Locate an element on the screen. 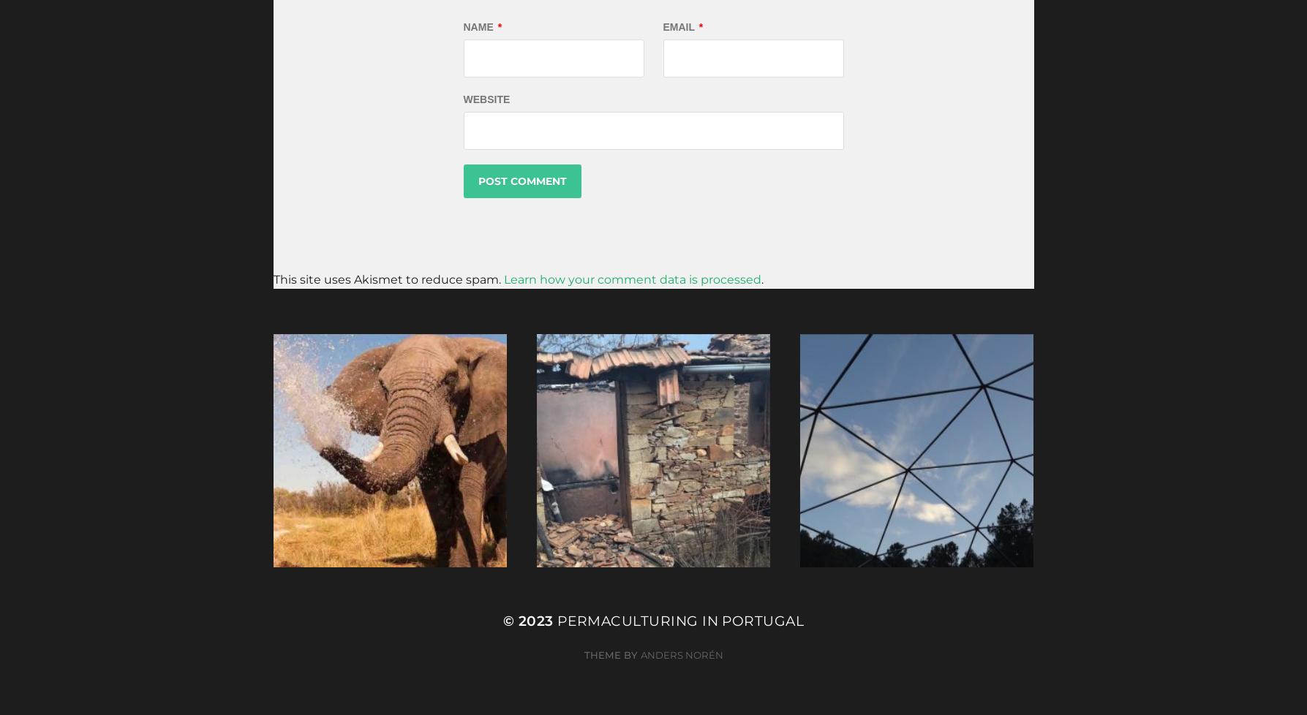 This screenshot has height=715, width=1307. 'January 6, 2018' is located at coordinates (603, 510).